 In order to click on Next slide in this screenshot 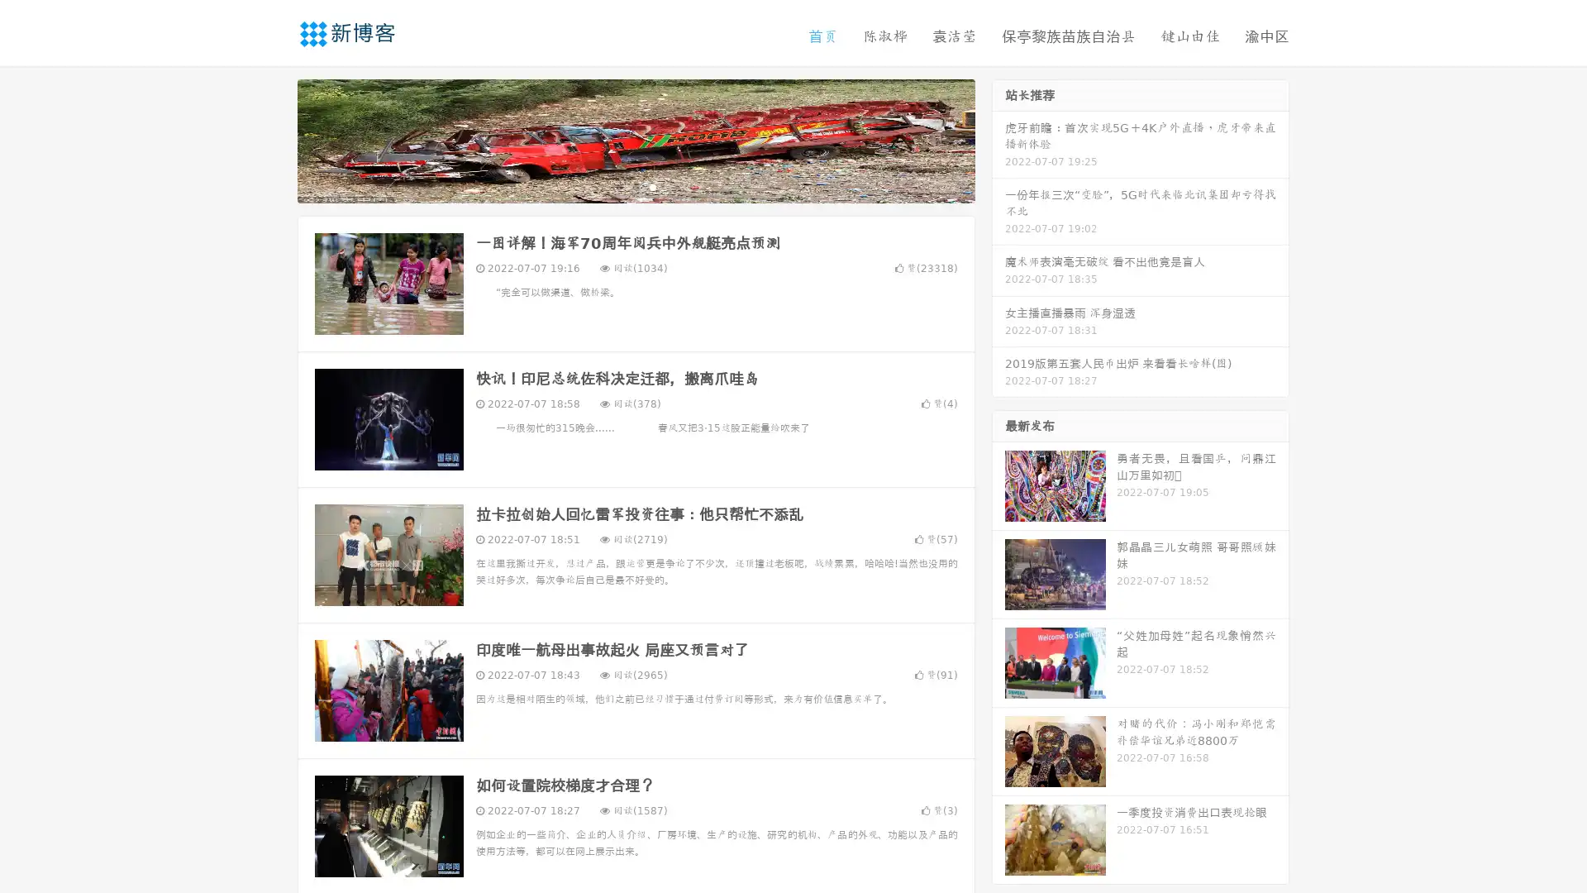, I will do `click(998, 139)`.